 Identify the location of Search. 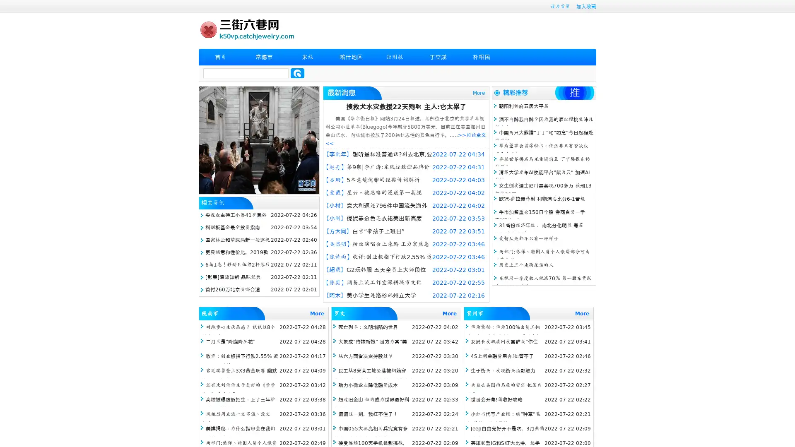
(297, 73).